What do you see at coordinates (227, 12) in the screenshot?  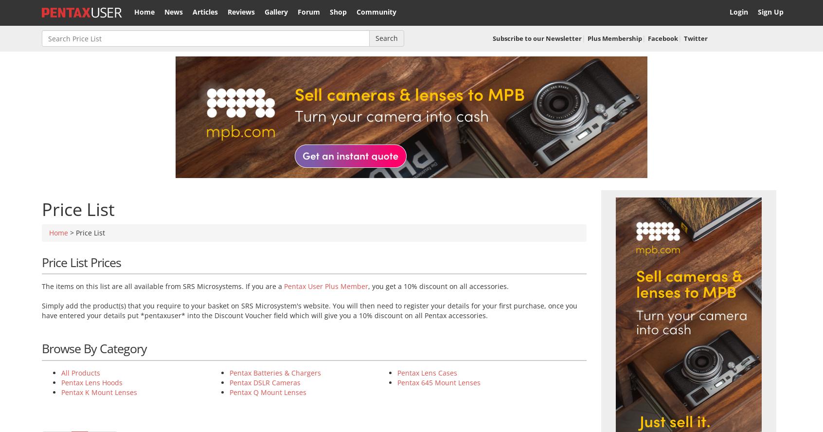 I see `'Reviews'` at bounding box center [227, 12].